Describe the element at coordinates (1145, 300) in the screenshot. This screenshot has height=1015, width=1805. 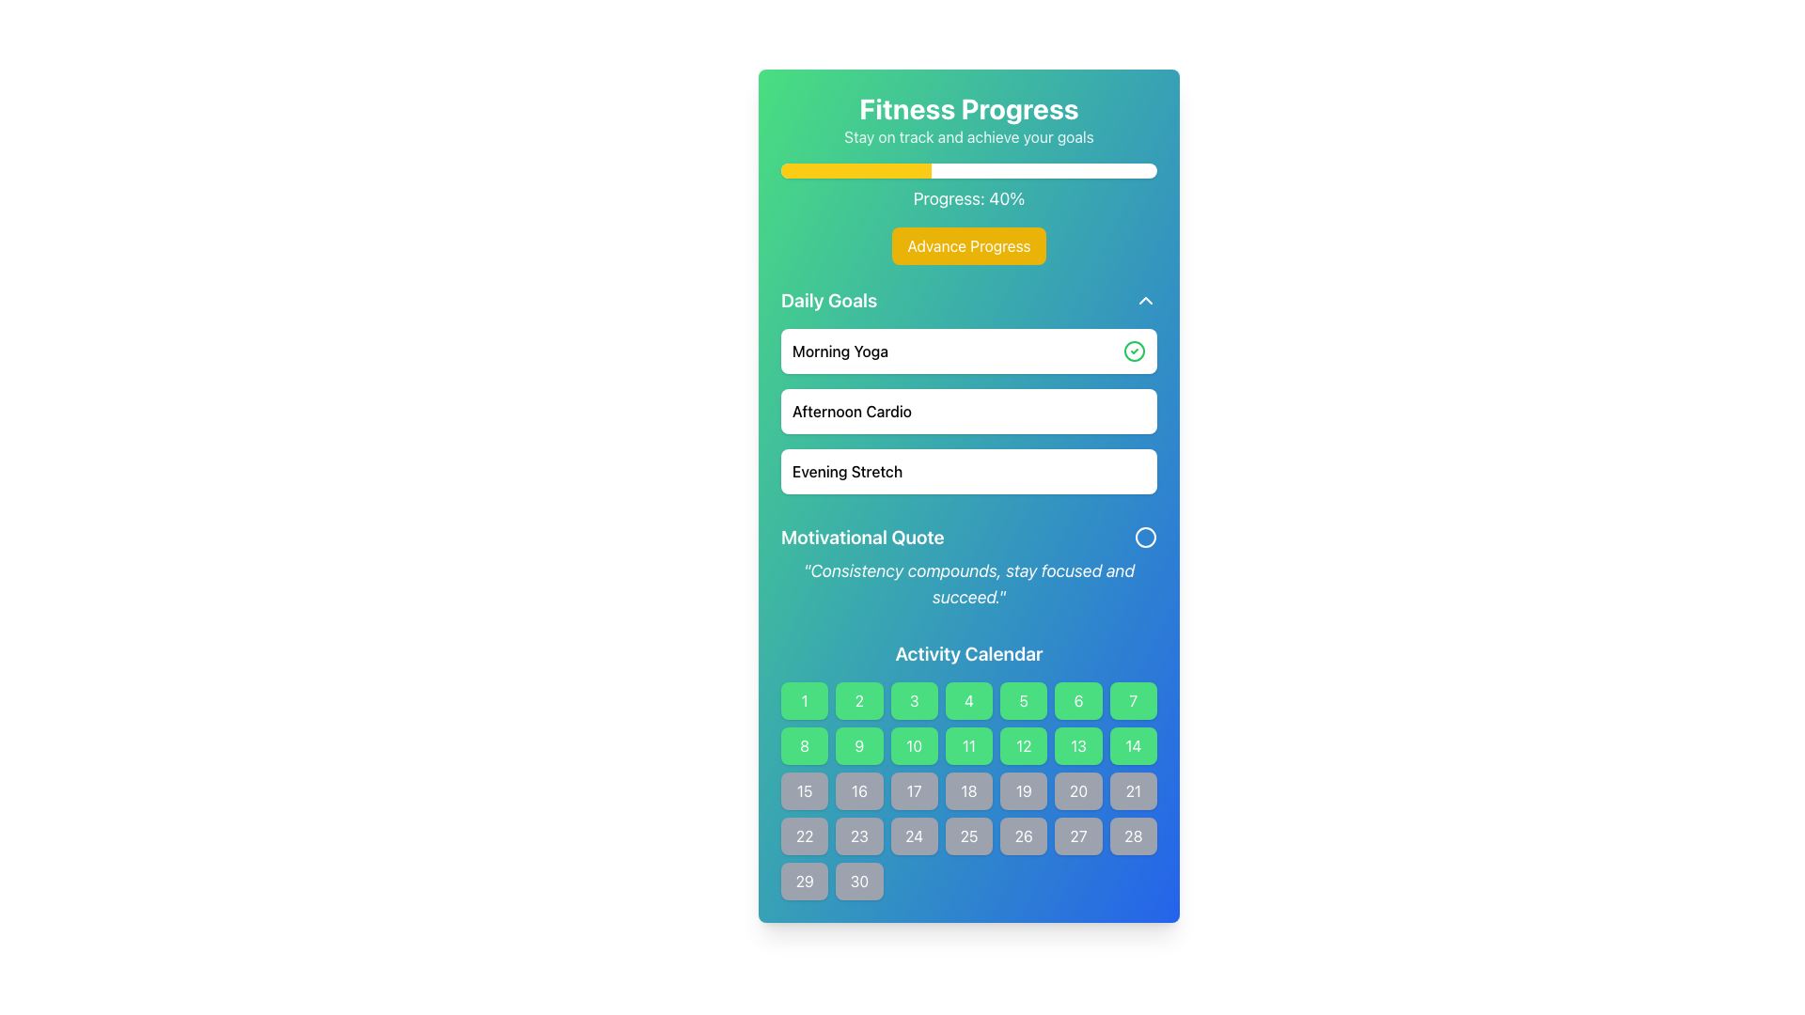
I see `the chevron icon located on the right side of the 'Daily Goals' heading, which is an upward-pointing arrow shape aligned vertically with the text` at that location.